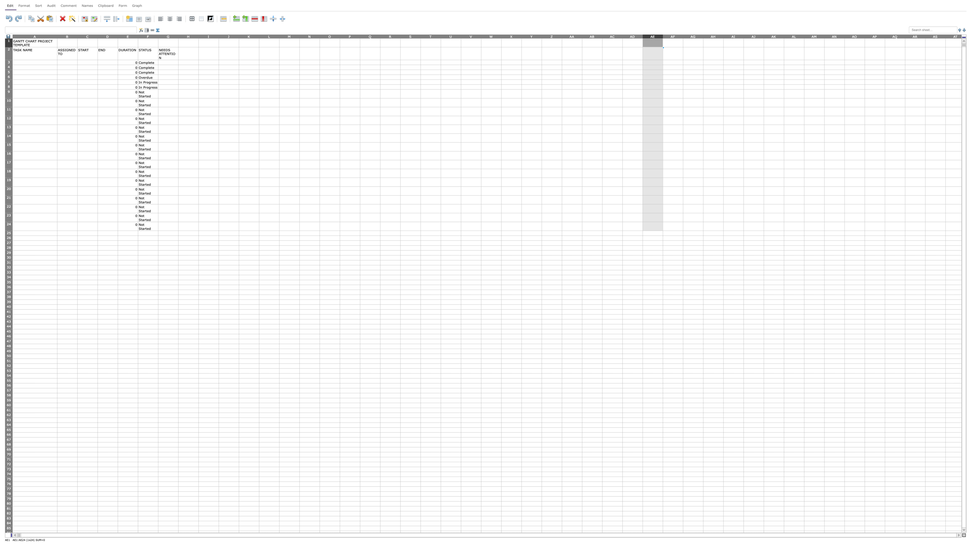 This screenshot has width=969, height=545. What do you see at coordinates (723, 36) in the screenshot?
I see `Position mouse at column AH's width adjustment area` at bounding box center [723, 36].